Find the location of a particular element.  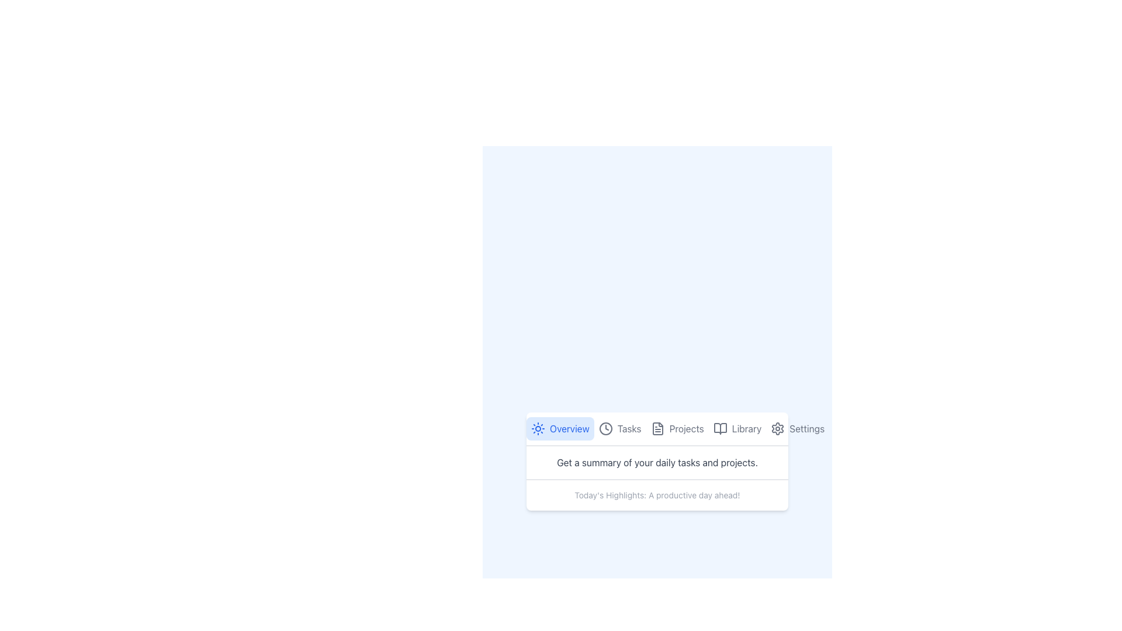

the 'Library' text label in the navigation menu is located at coordinates (746, 428).